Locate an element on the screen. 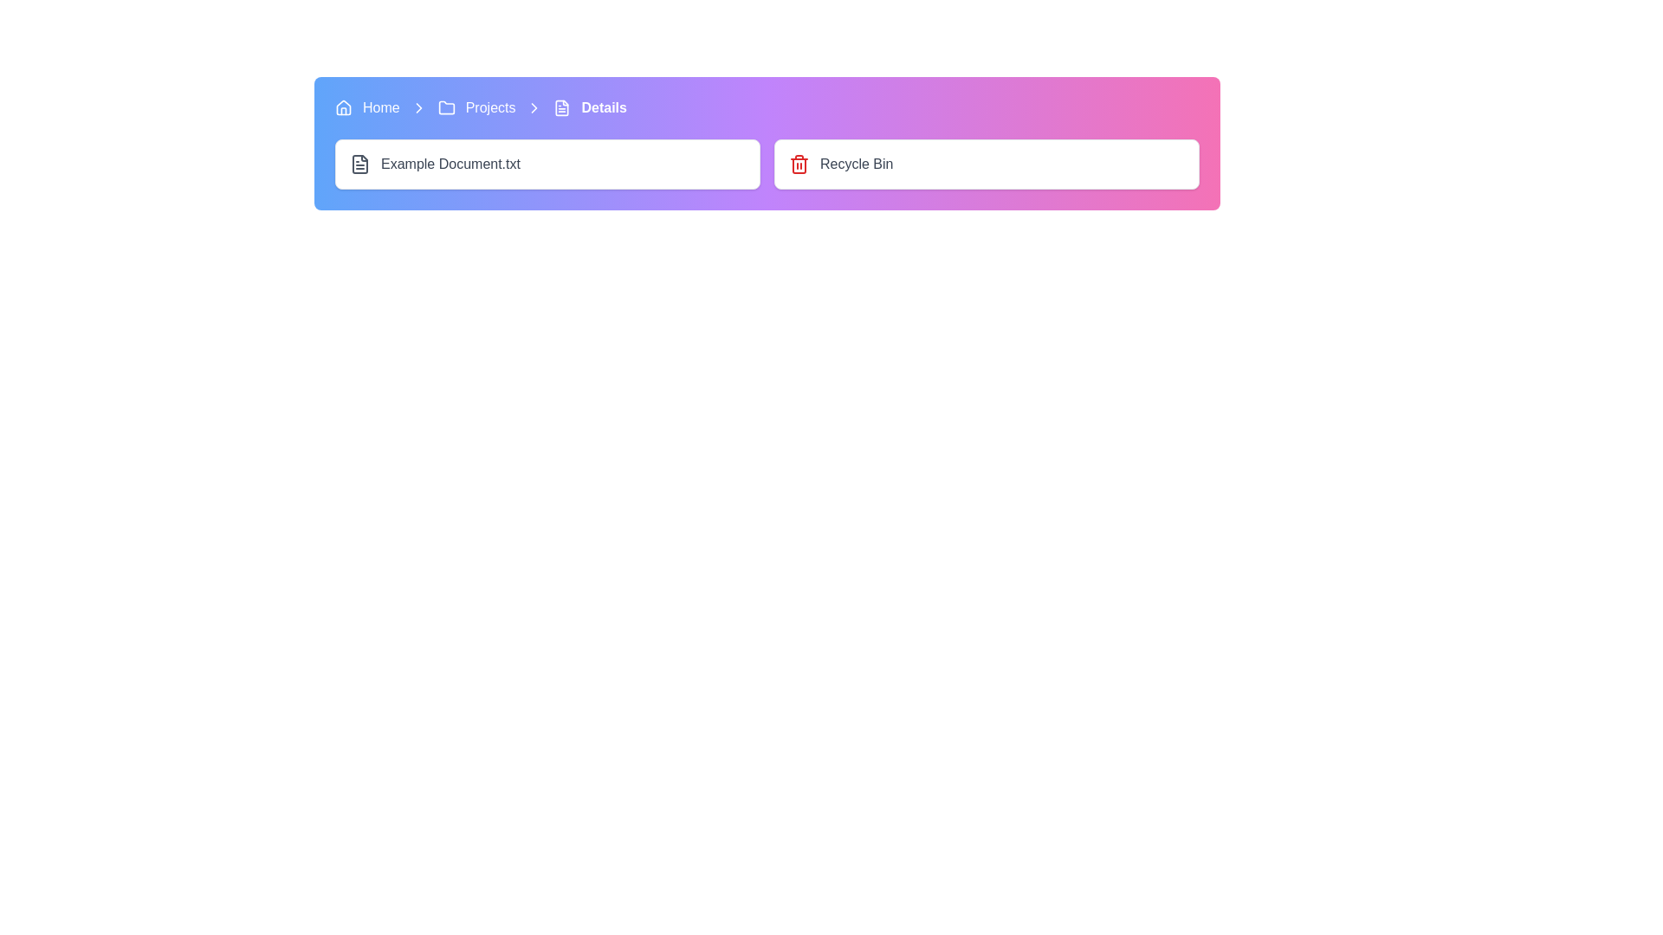 Image resolution: width=1663 pixels, height=935 pixels. the 'Recycle Bin' text label which indicates the purpose of the trash can icon next to it, located in the upper right area of the interface is located at coordinates (857, 164).